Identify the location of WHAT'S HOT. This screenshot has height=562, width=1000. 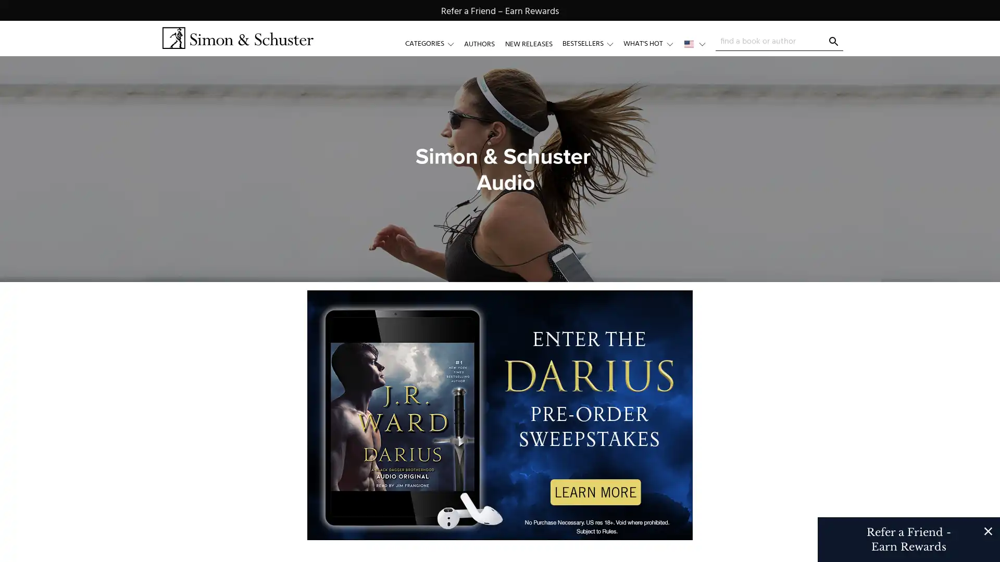
(652, 43).